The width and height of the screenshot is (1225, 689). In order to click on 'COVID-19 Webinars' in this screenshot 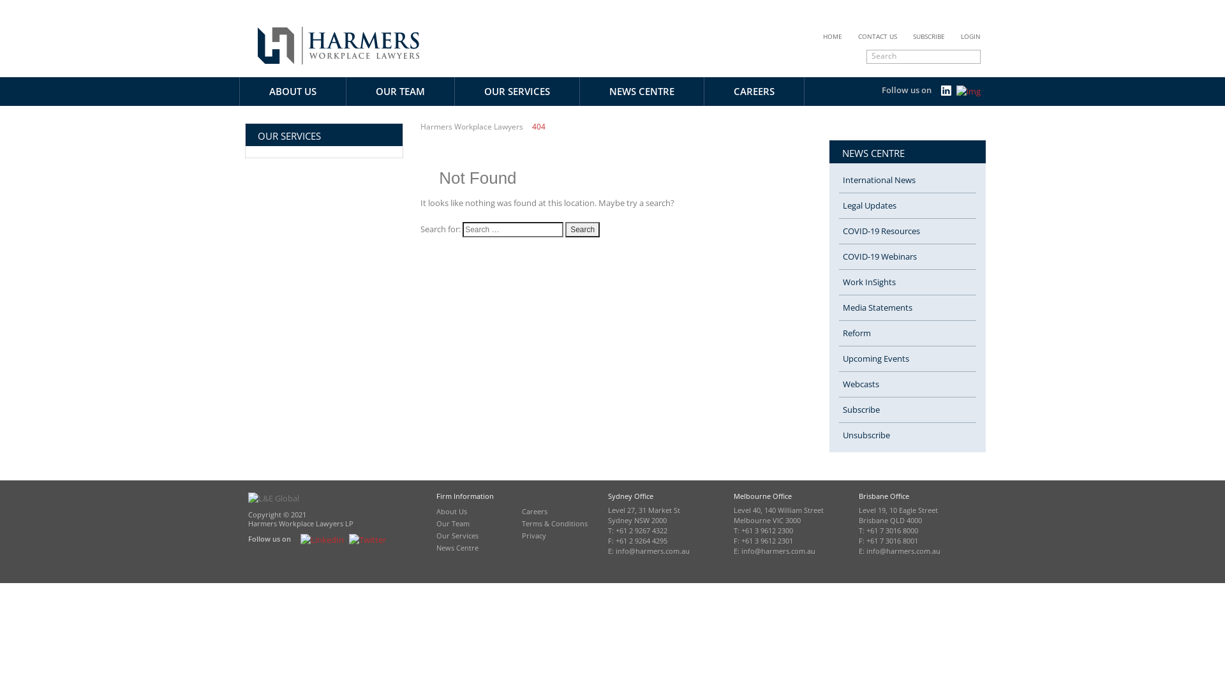, I will do `click(839, 256)`.